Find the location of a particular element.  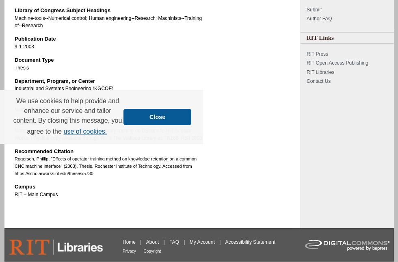

'FAQ' is located at coordinates (169, 242).